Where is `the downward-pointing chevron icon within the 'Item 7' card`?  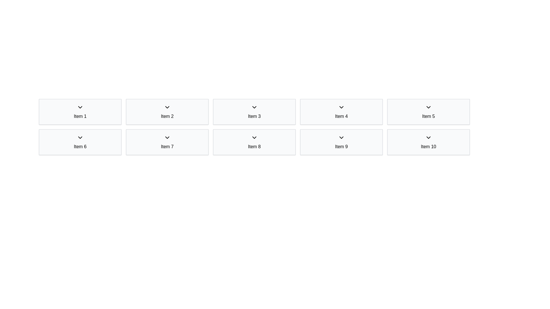 the downward-pointing chevron icon within the 'Item 7' card is located at coordinates (167, 138).